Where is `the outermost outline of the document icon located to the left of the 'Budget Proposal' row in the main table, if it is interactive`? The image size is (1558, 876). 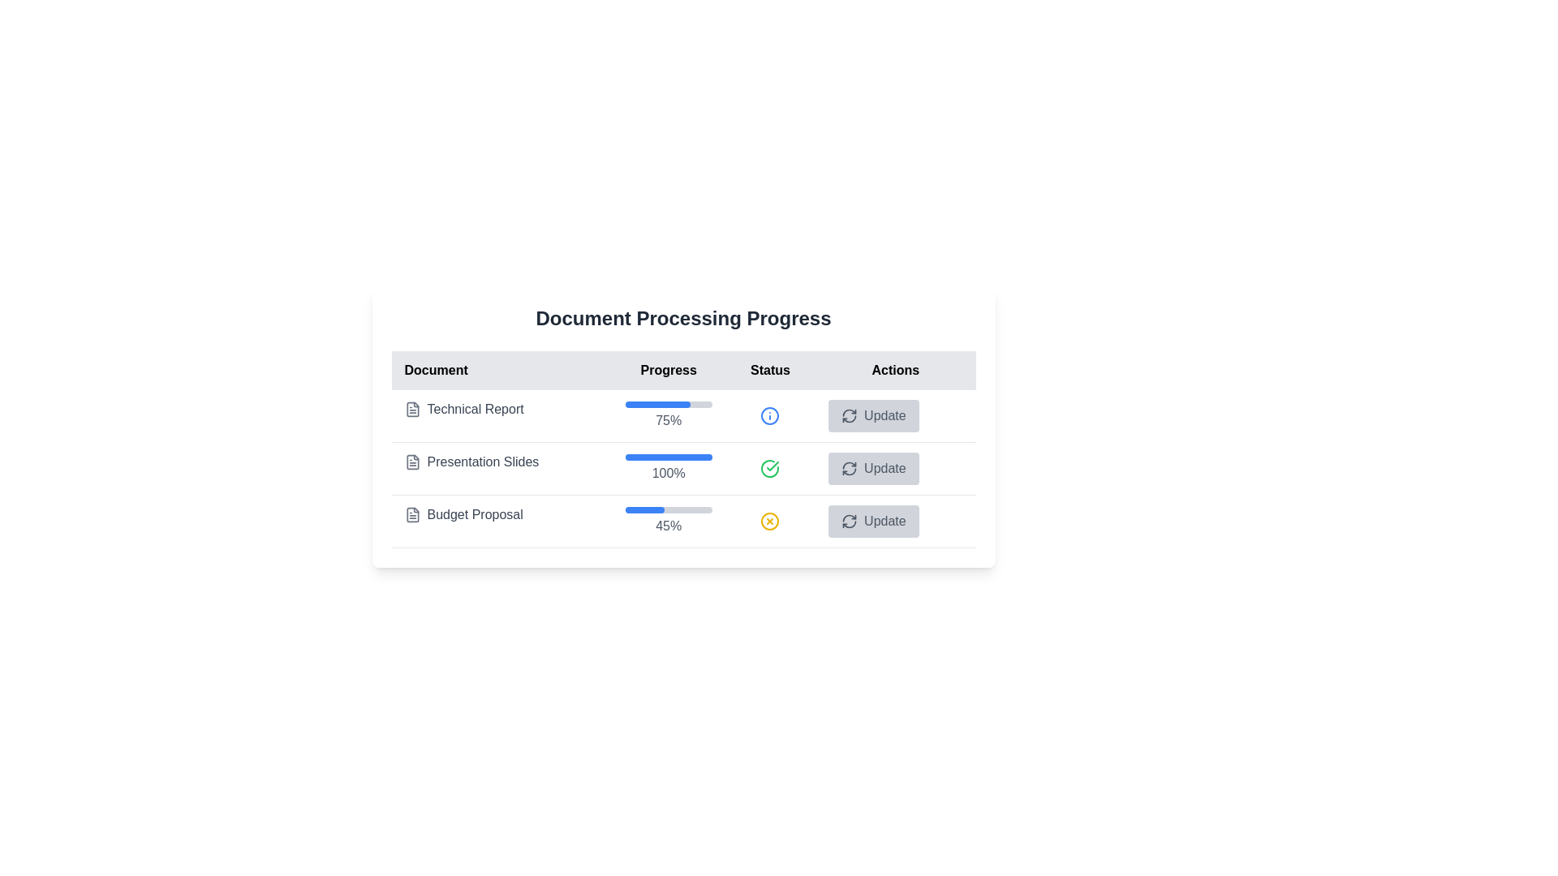
the outermost outline of the document icon located to the left of the 'Budget Proposal' row in the main table, if it is interactive is located at coordinates (412, 515).